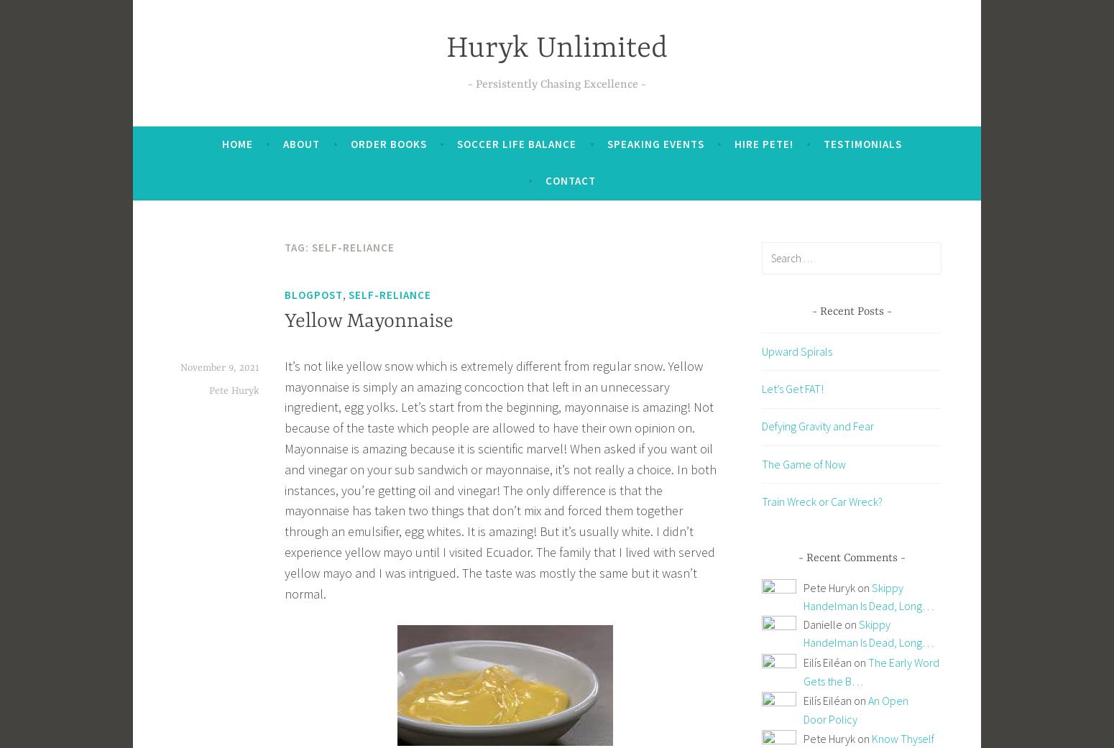  I want to click on 'Testimonials', so click(862, 144).